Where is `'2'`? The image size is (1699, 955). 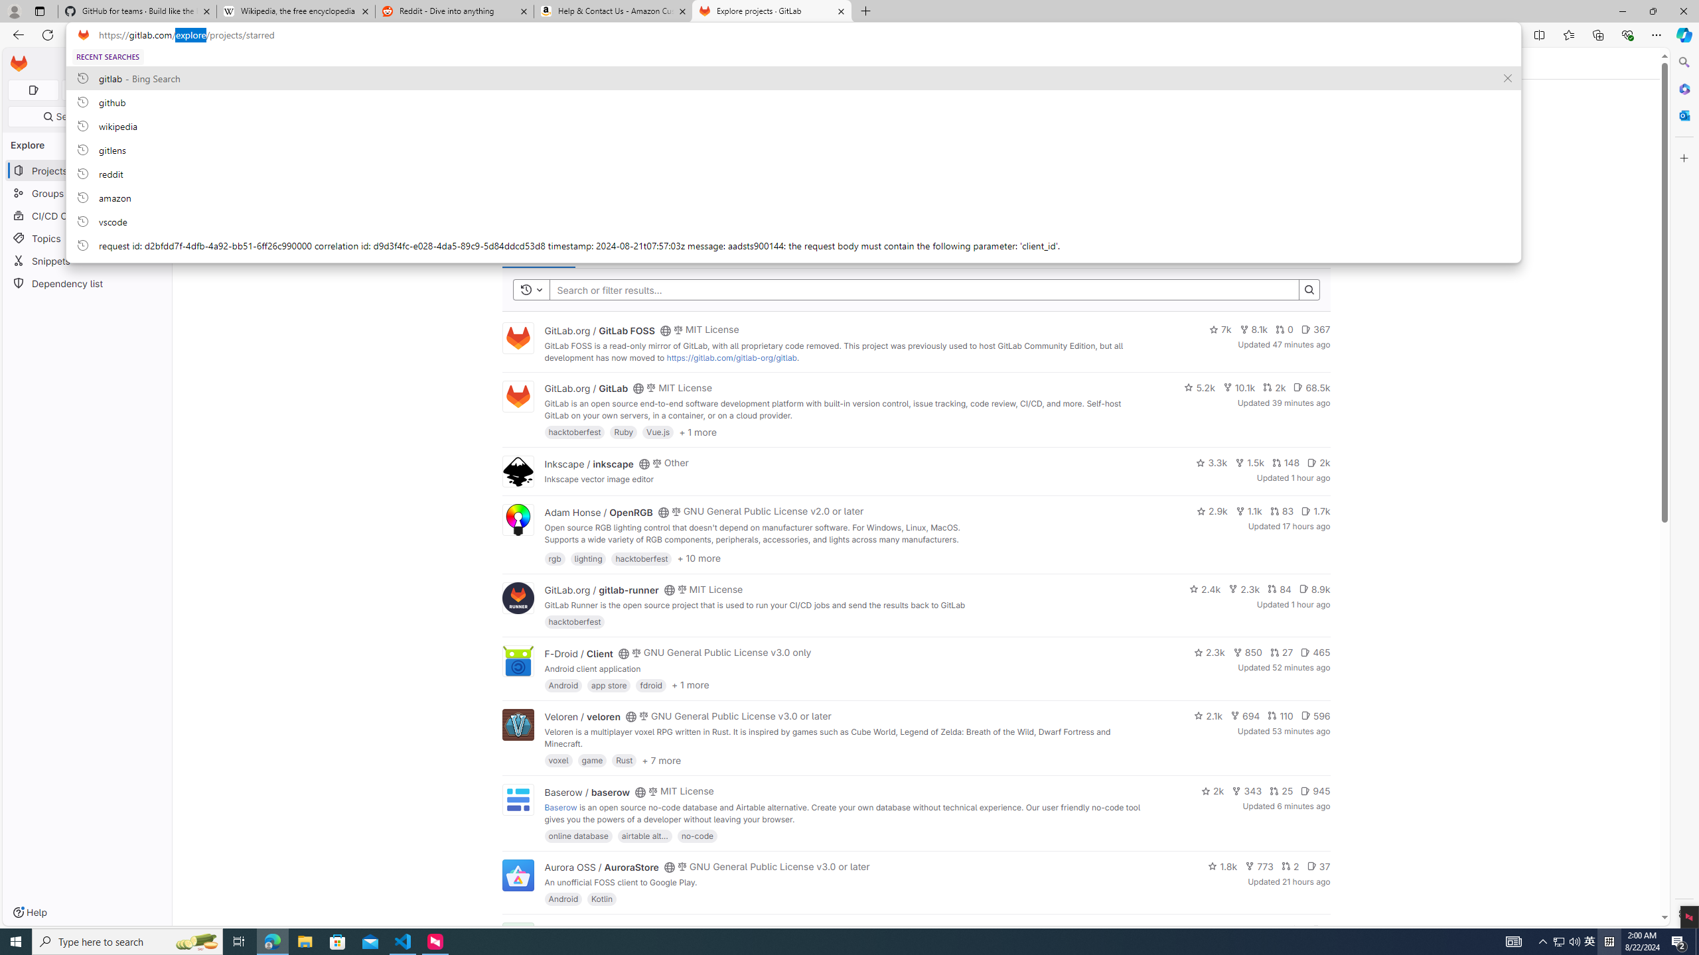 '2' is located at coordinates (1290, 865).